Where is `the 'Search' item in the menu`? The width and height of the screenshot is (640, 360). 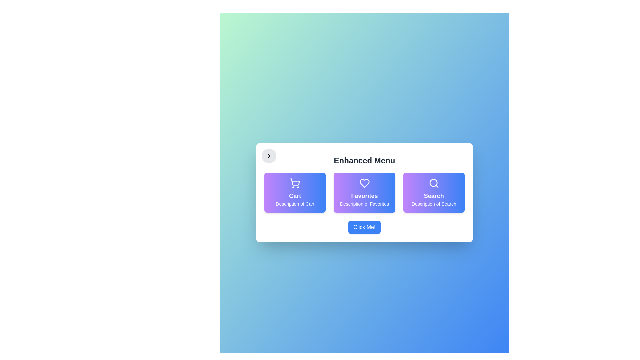
the 'Search' item in the menu is located at coordinates (434, 193).